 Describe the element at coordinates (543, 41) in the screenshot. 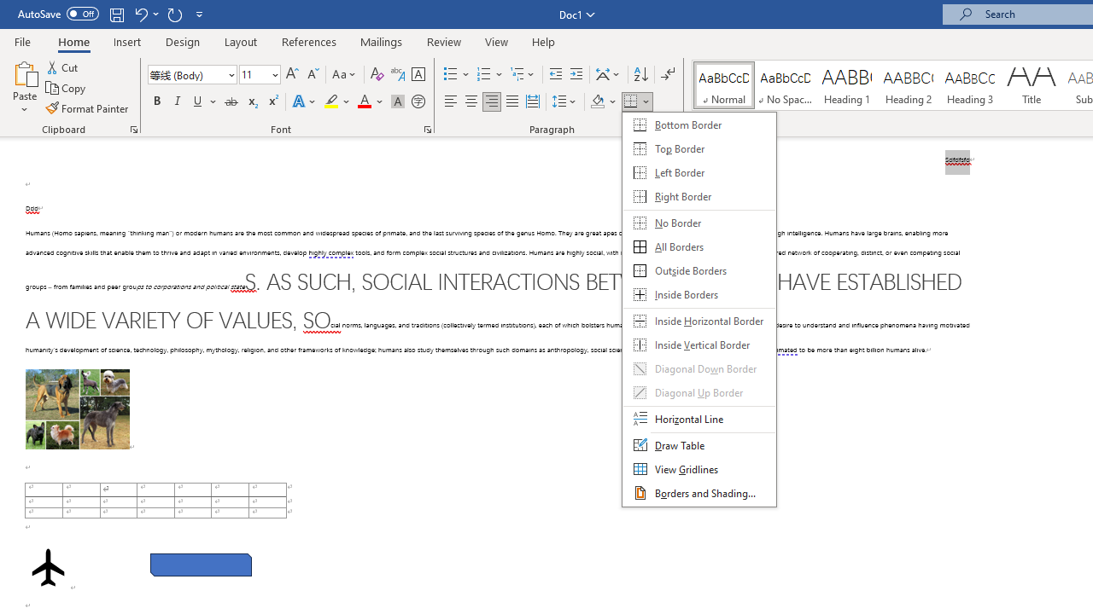

I see `'Help'` at that location.